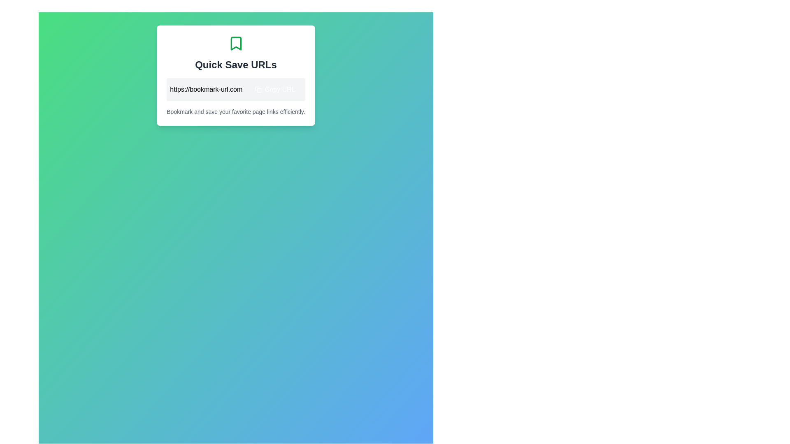 The image size is (790, 444). What do you see at coordinates (275, 90) in the screenshot?
I see `the copy URL button located to the right of the displayed URL 'https://bookmark-url.com'` at bounding box center [275, 90].